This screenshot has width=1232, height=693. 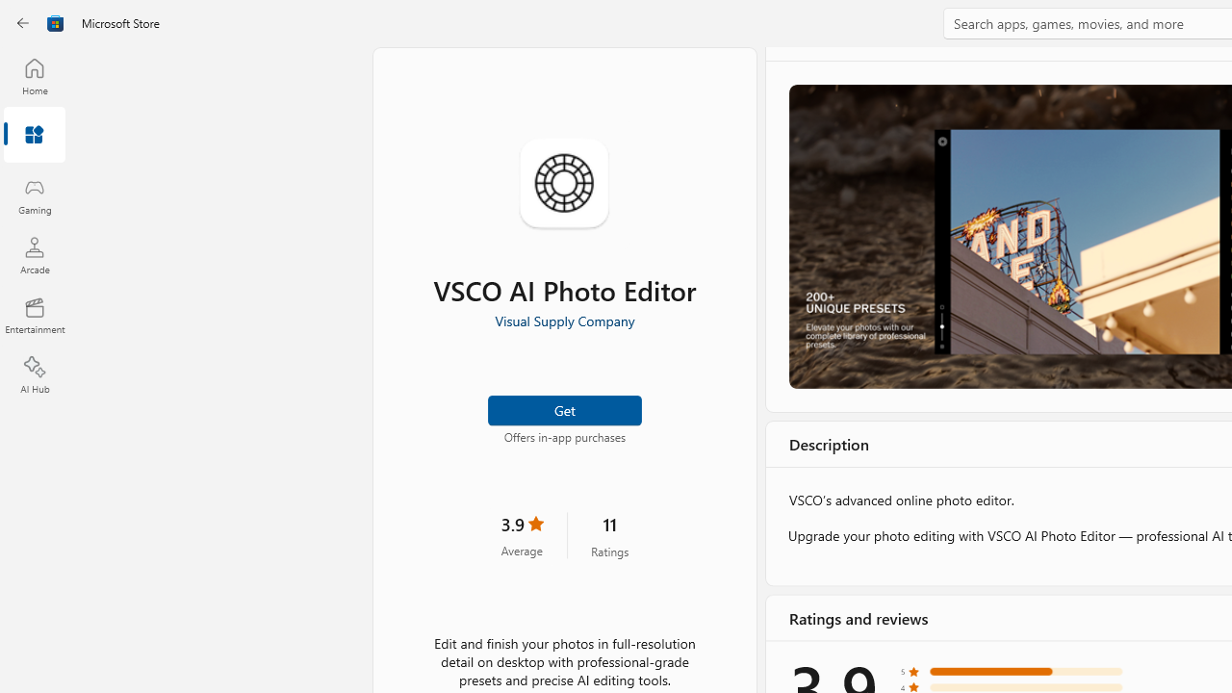 What do you see at coordinates (563, 408) in the screenshot?
I see `'Get'` at bounding box center [563, 408].